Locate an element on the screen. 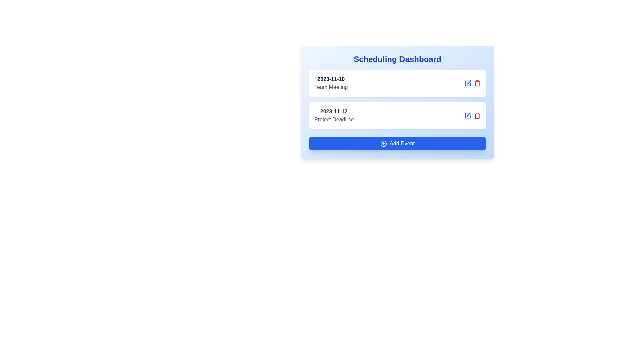 The height and width of the screenshot is (362, 644). the text block displaying the date '2023-11-10' and event title 'Team Meeting', which is the first entry inside a card within the Scheduling Dashboard is located at coordinates (331, 83).